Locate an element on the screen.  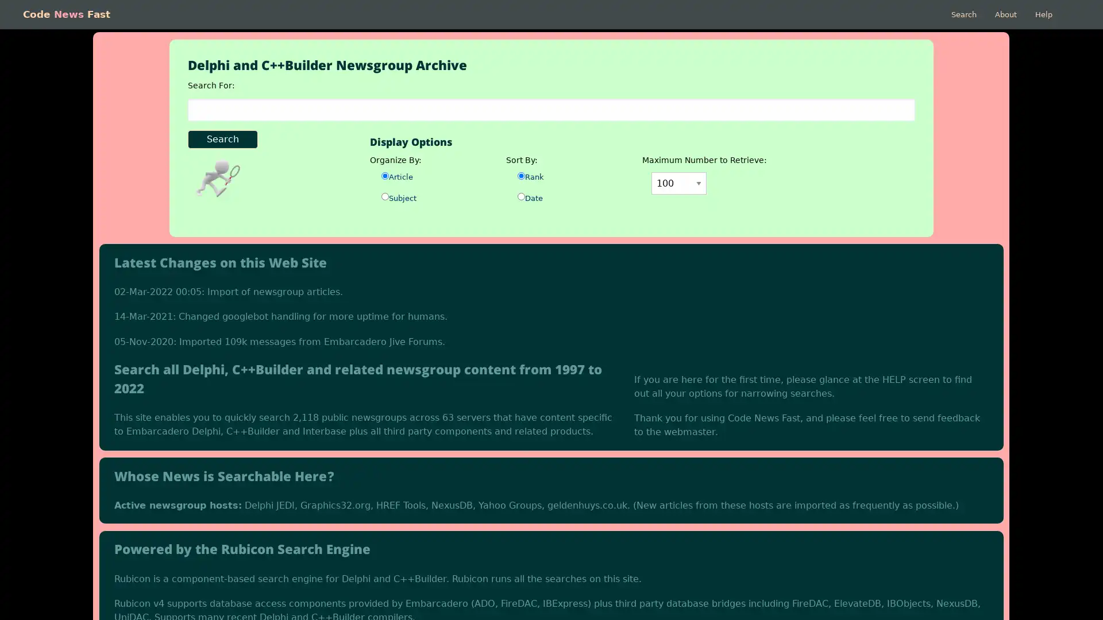
Search is located at coordinates (223, 138).